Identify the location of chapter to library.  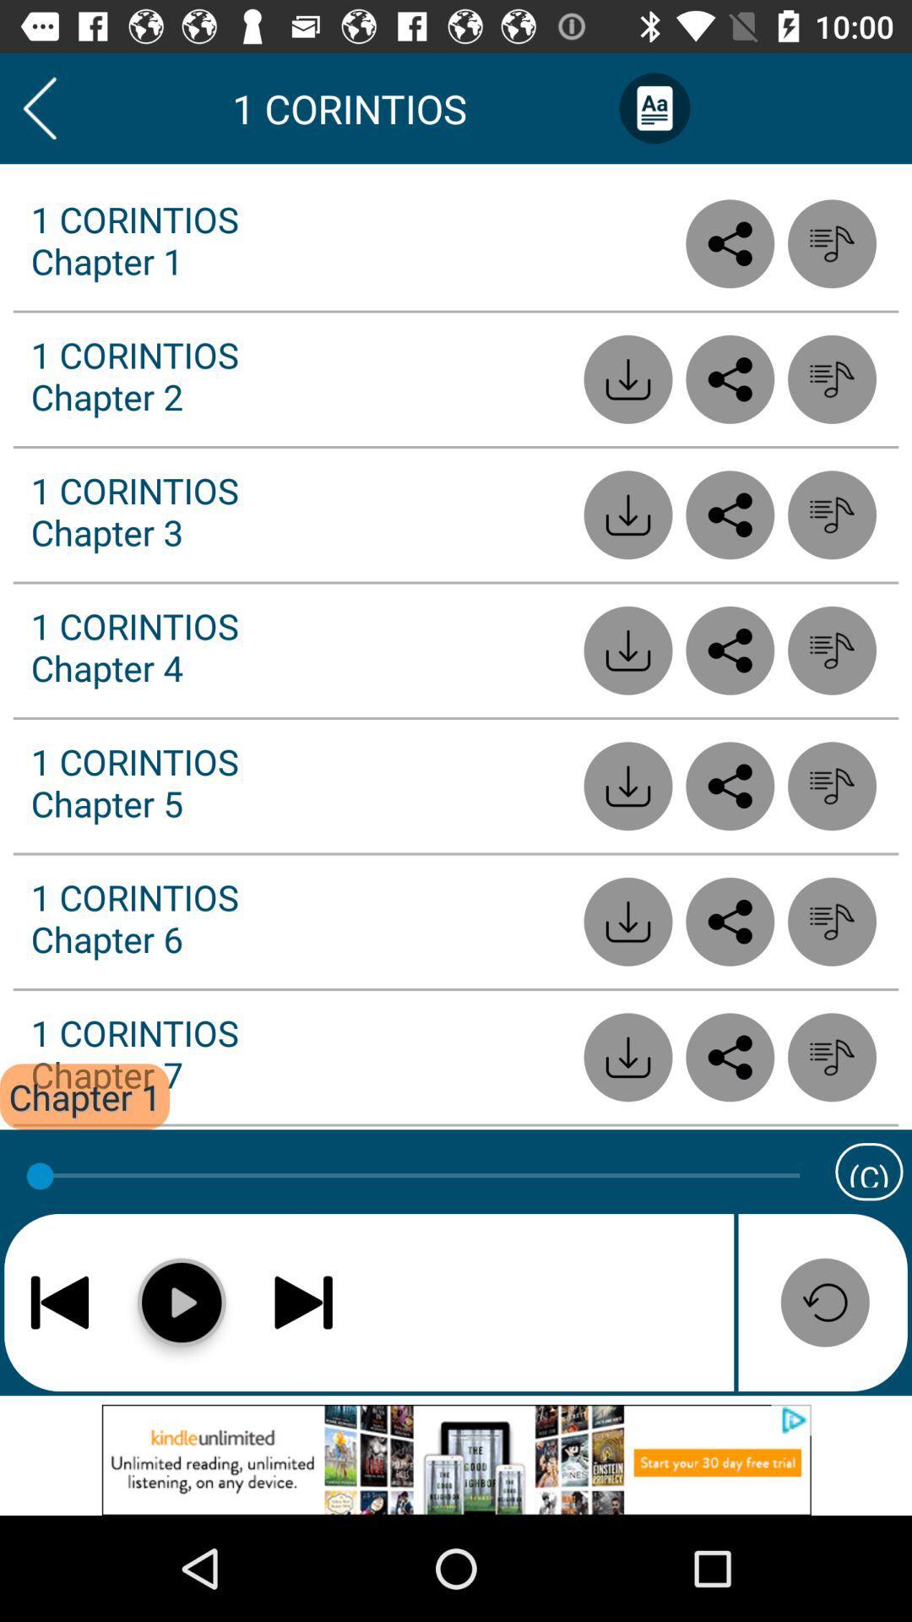
(831, 921).